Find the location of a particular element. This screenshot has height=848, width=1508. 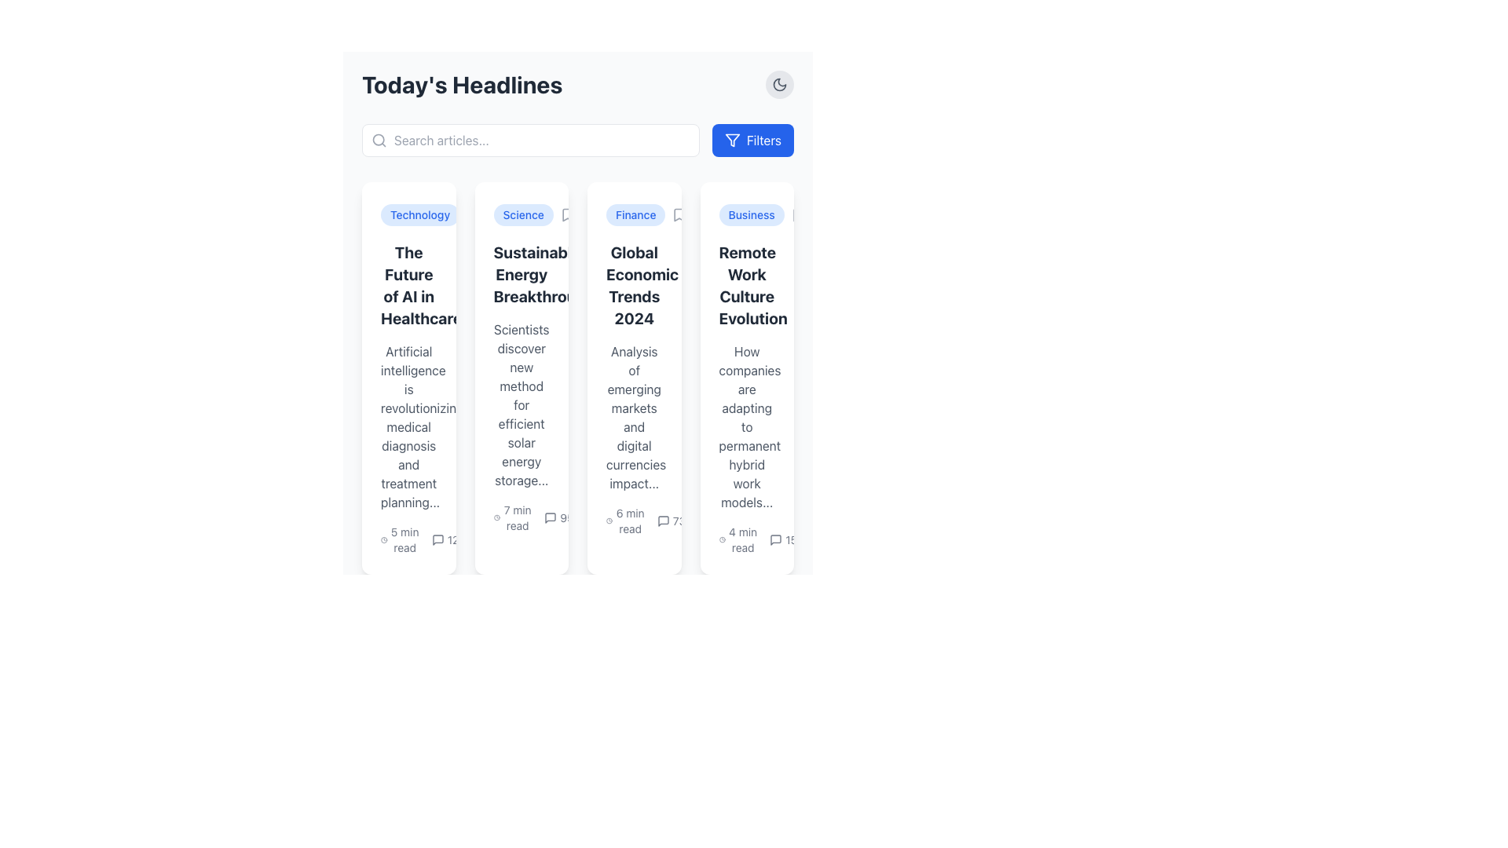

the clock icon located to the left of the '7 min read' text under the 'Sustainable Energy Breakthrough' article for visual cues about time is located at coordinates (496, 517).